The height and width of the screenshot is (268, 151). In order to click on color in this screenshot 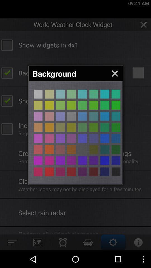, I will do `click(49, 171)`.